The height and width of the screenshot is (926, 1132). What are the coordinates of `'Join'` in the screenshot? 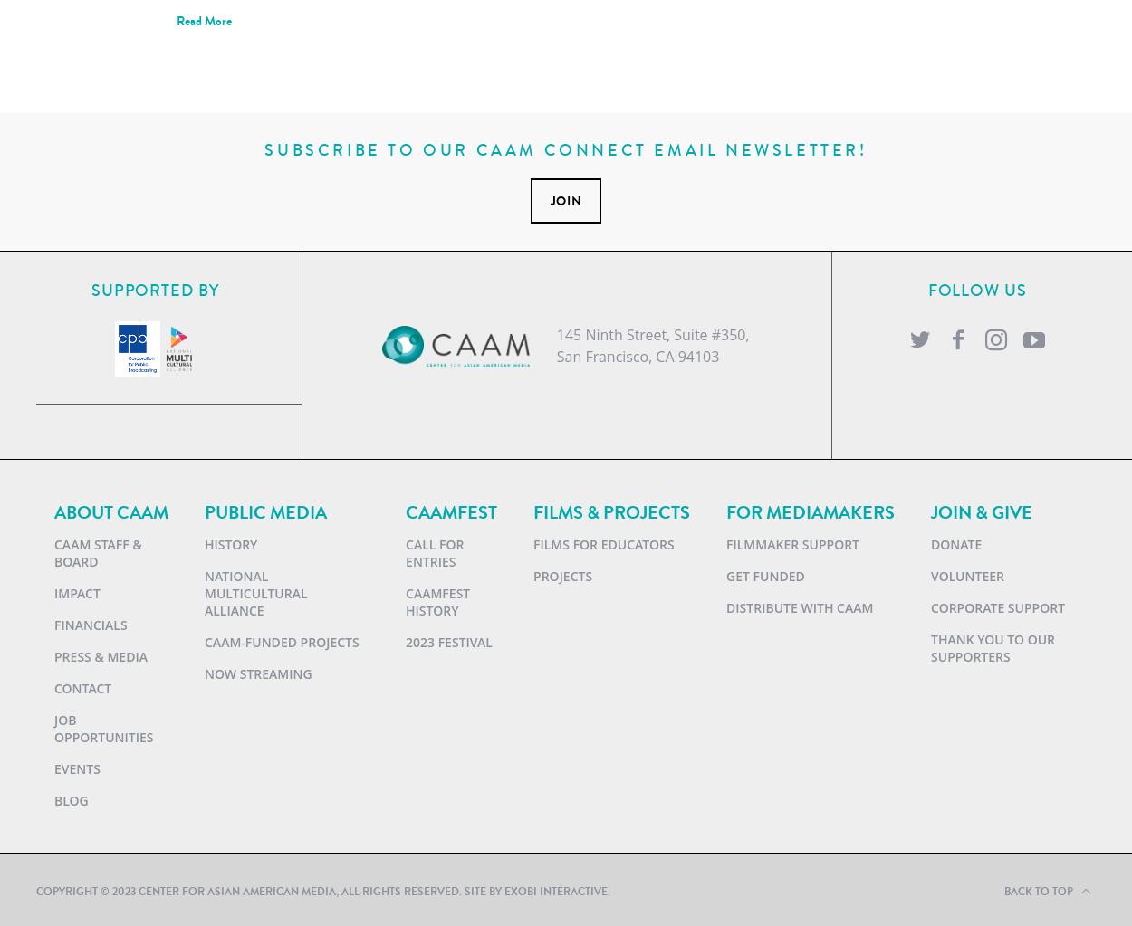 It's located at (564, 199).